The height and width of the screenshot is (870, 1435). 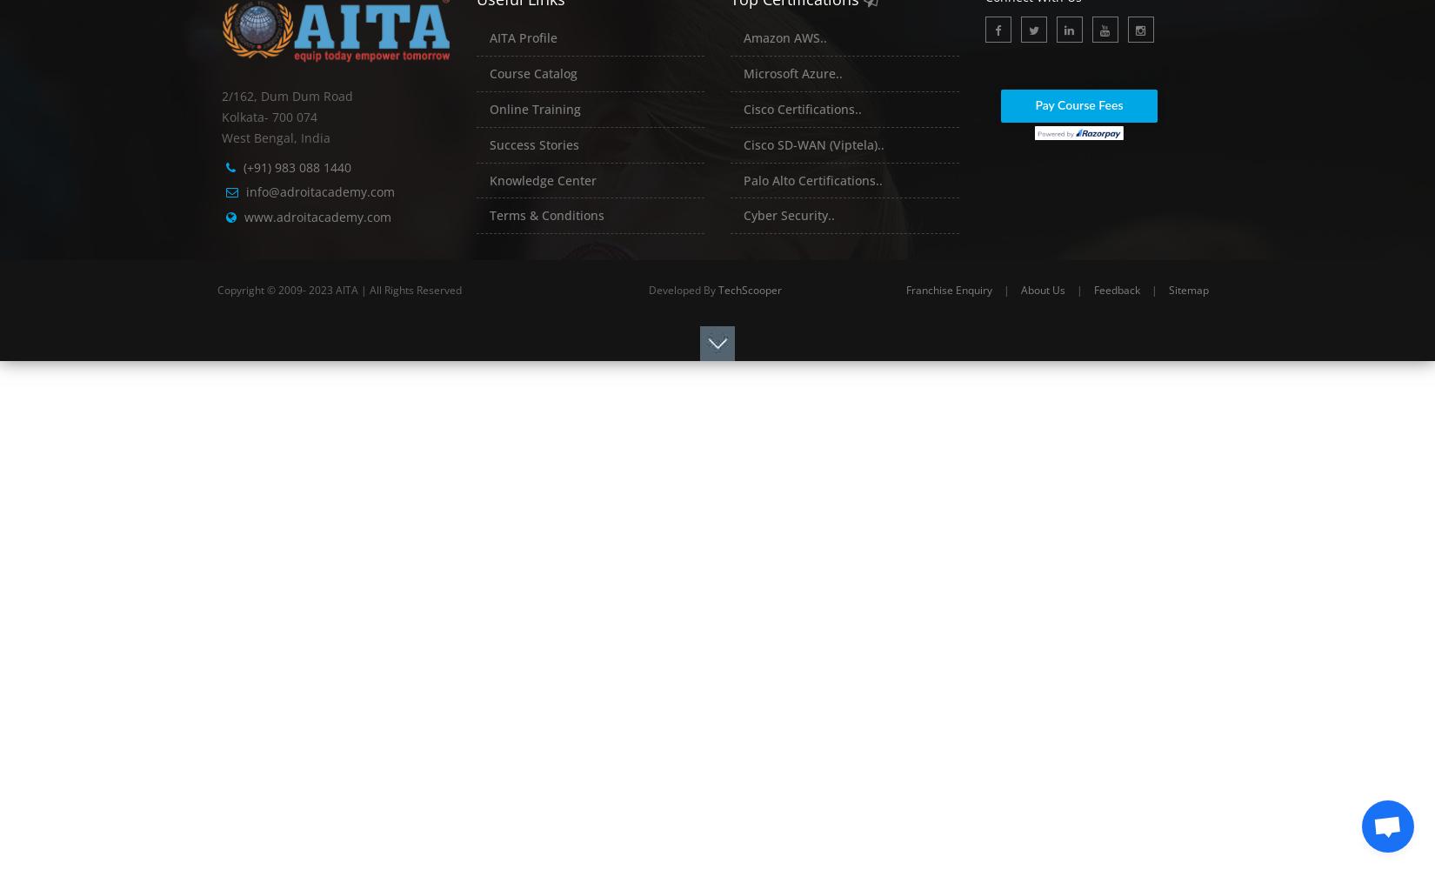 I want to click on 'Feedback', so click(x=1116, y=289).